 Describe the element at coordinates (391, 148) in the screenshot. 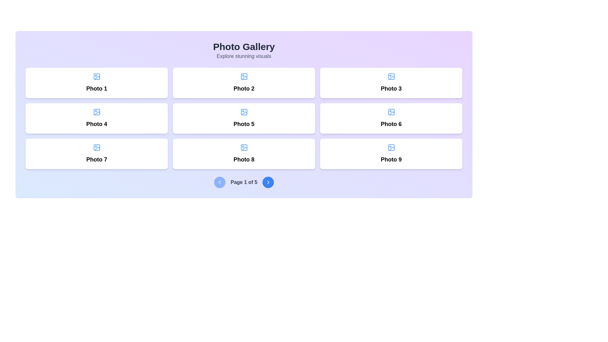

I see `the Icon depicting a placeholder image located in the bottom-right corner of the content labeled 'Photo 9' in the third row and third column of the grid` at that location.